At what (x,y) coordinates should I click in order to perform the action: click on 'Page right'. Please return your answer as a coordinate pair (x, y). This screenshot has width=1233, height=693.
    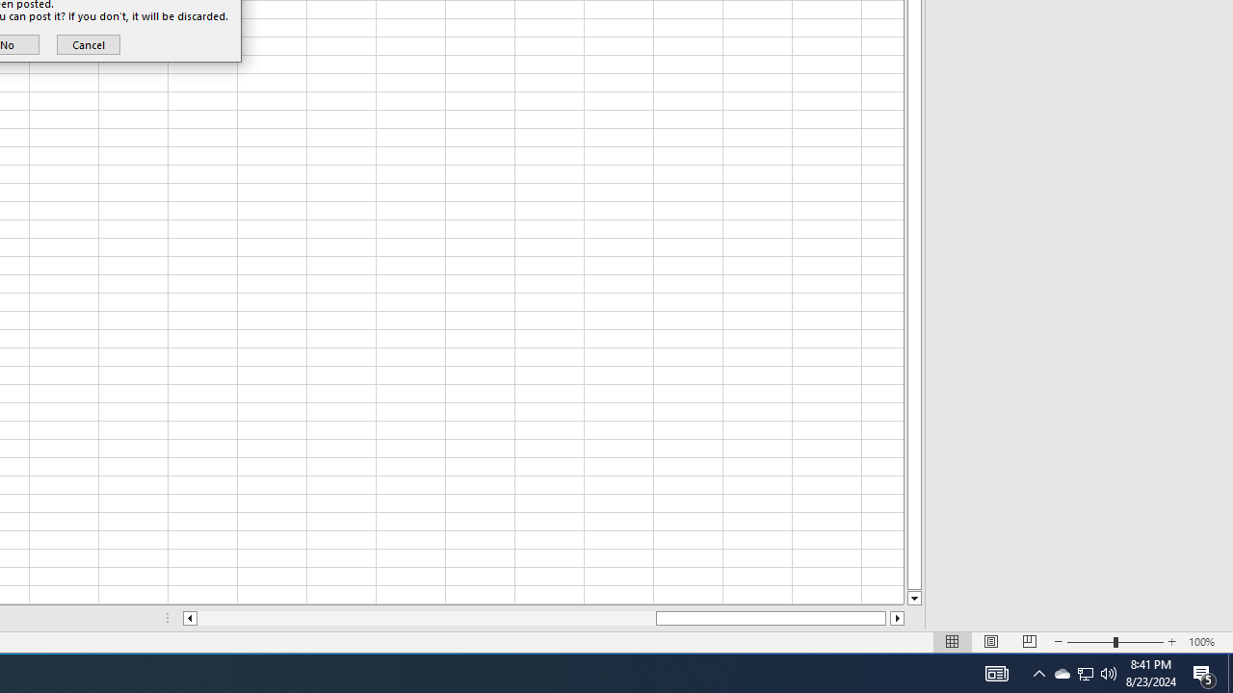
    Looking at the image, I should click on (887, 618).